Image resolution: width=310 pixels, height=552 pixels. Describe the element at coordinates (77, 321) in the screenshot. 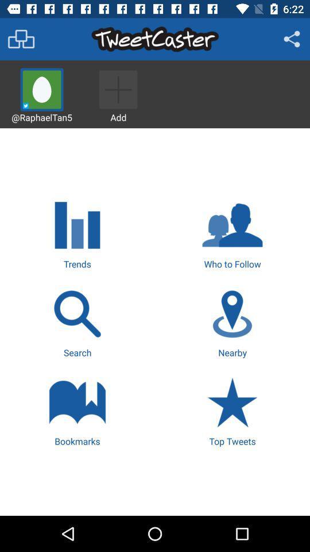

I see `search` at that location.